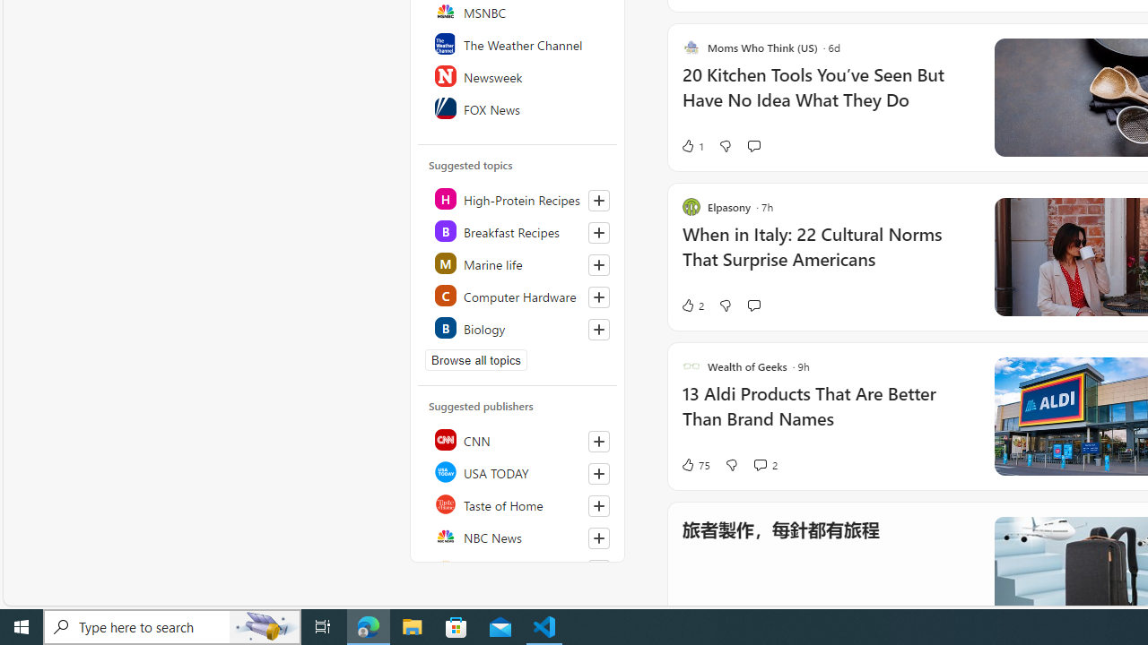 The image size is (1148, 645). What do you see at coordinates (517, 440) in the screenshot?
I see `'CNN'` at bounding box center [517, 440].